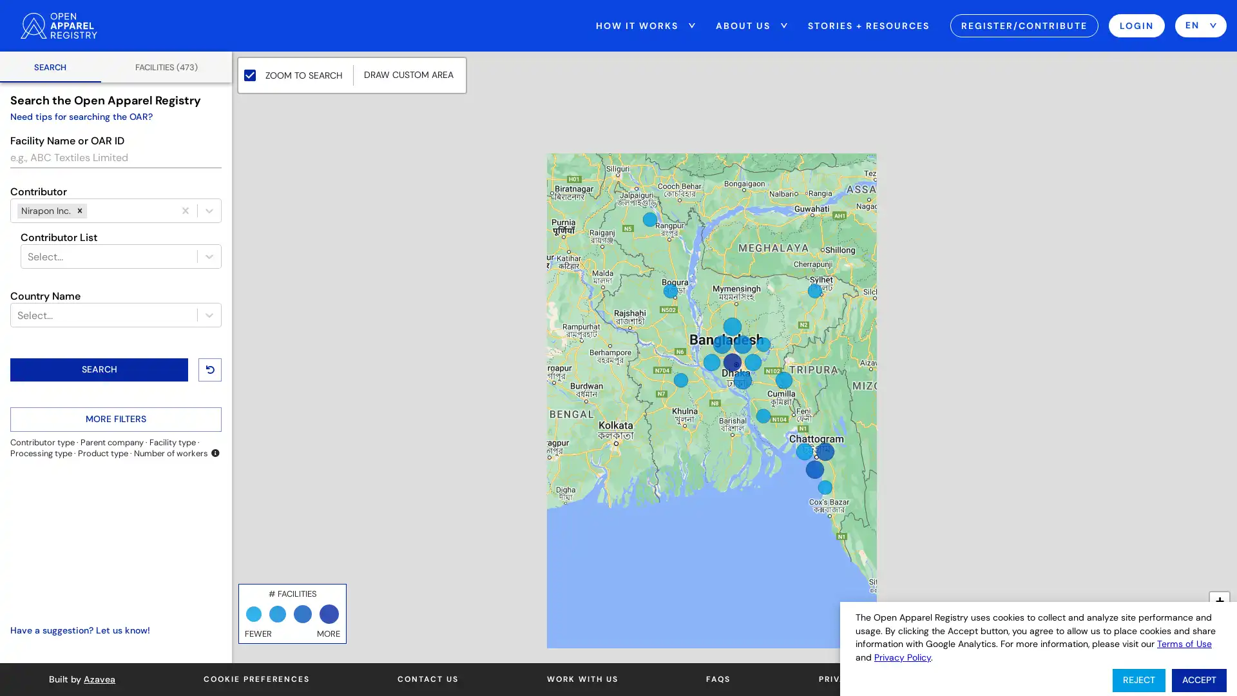 This screenshot has height=696, width=1237. What do you see at coordinates (116, 419) in the screenshot?
I see `MORE FILTERS` at bounding box center [116, 419].